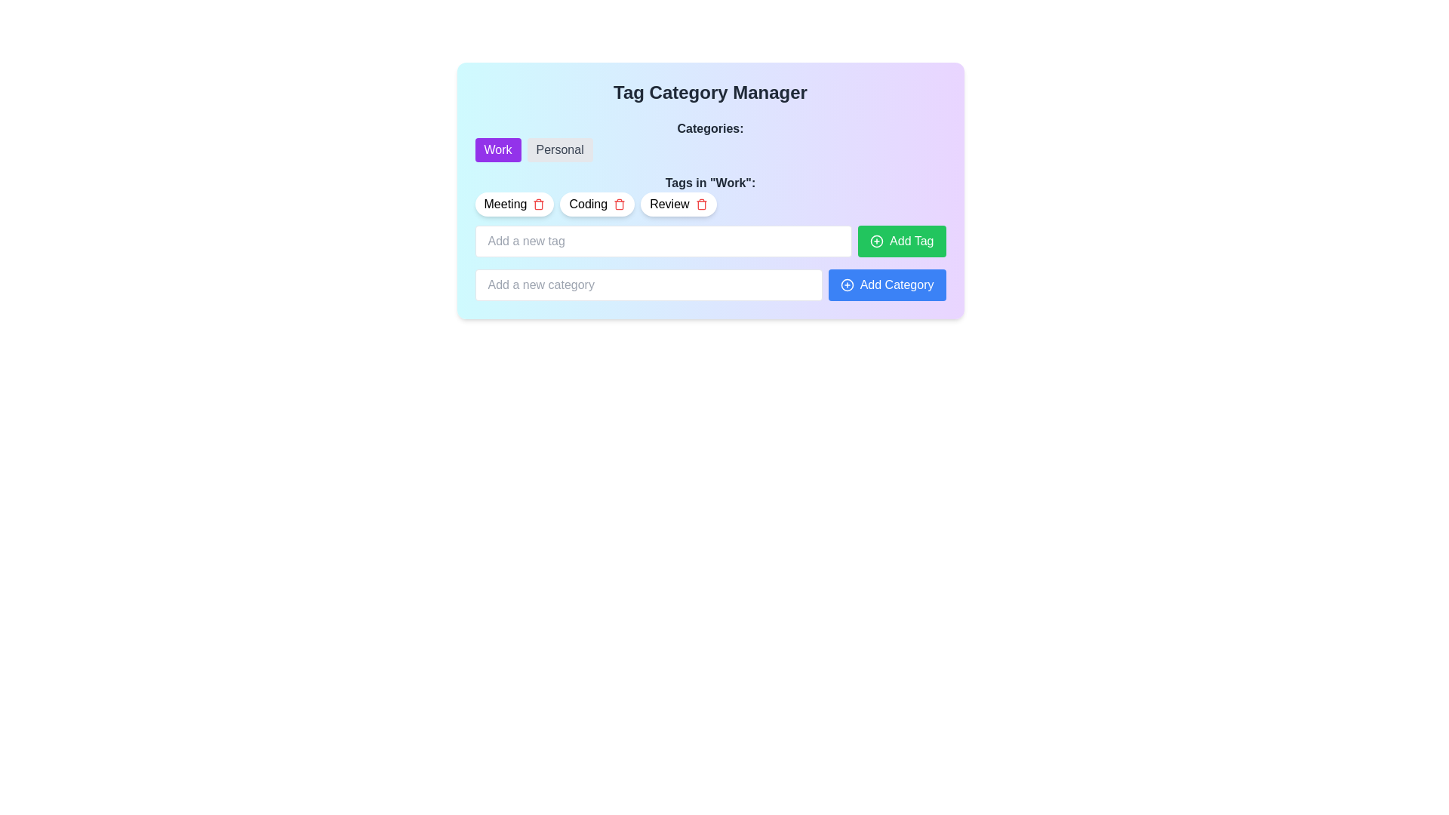 This screenshot has width=1449, height=815. I want to click on the green circular '+' icon located at the center of the 'Add Tag' button, so click(876, 241).